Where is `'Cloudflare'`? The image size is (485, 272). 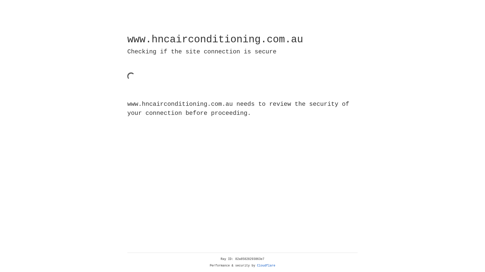
'Cloudflare' is located at coordinates (266, 265).